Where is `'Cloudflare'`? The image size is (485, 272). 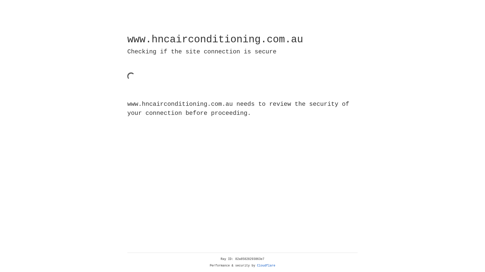
'Cloudflare' is located at coordinates (266, 265).